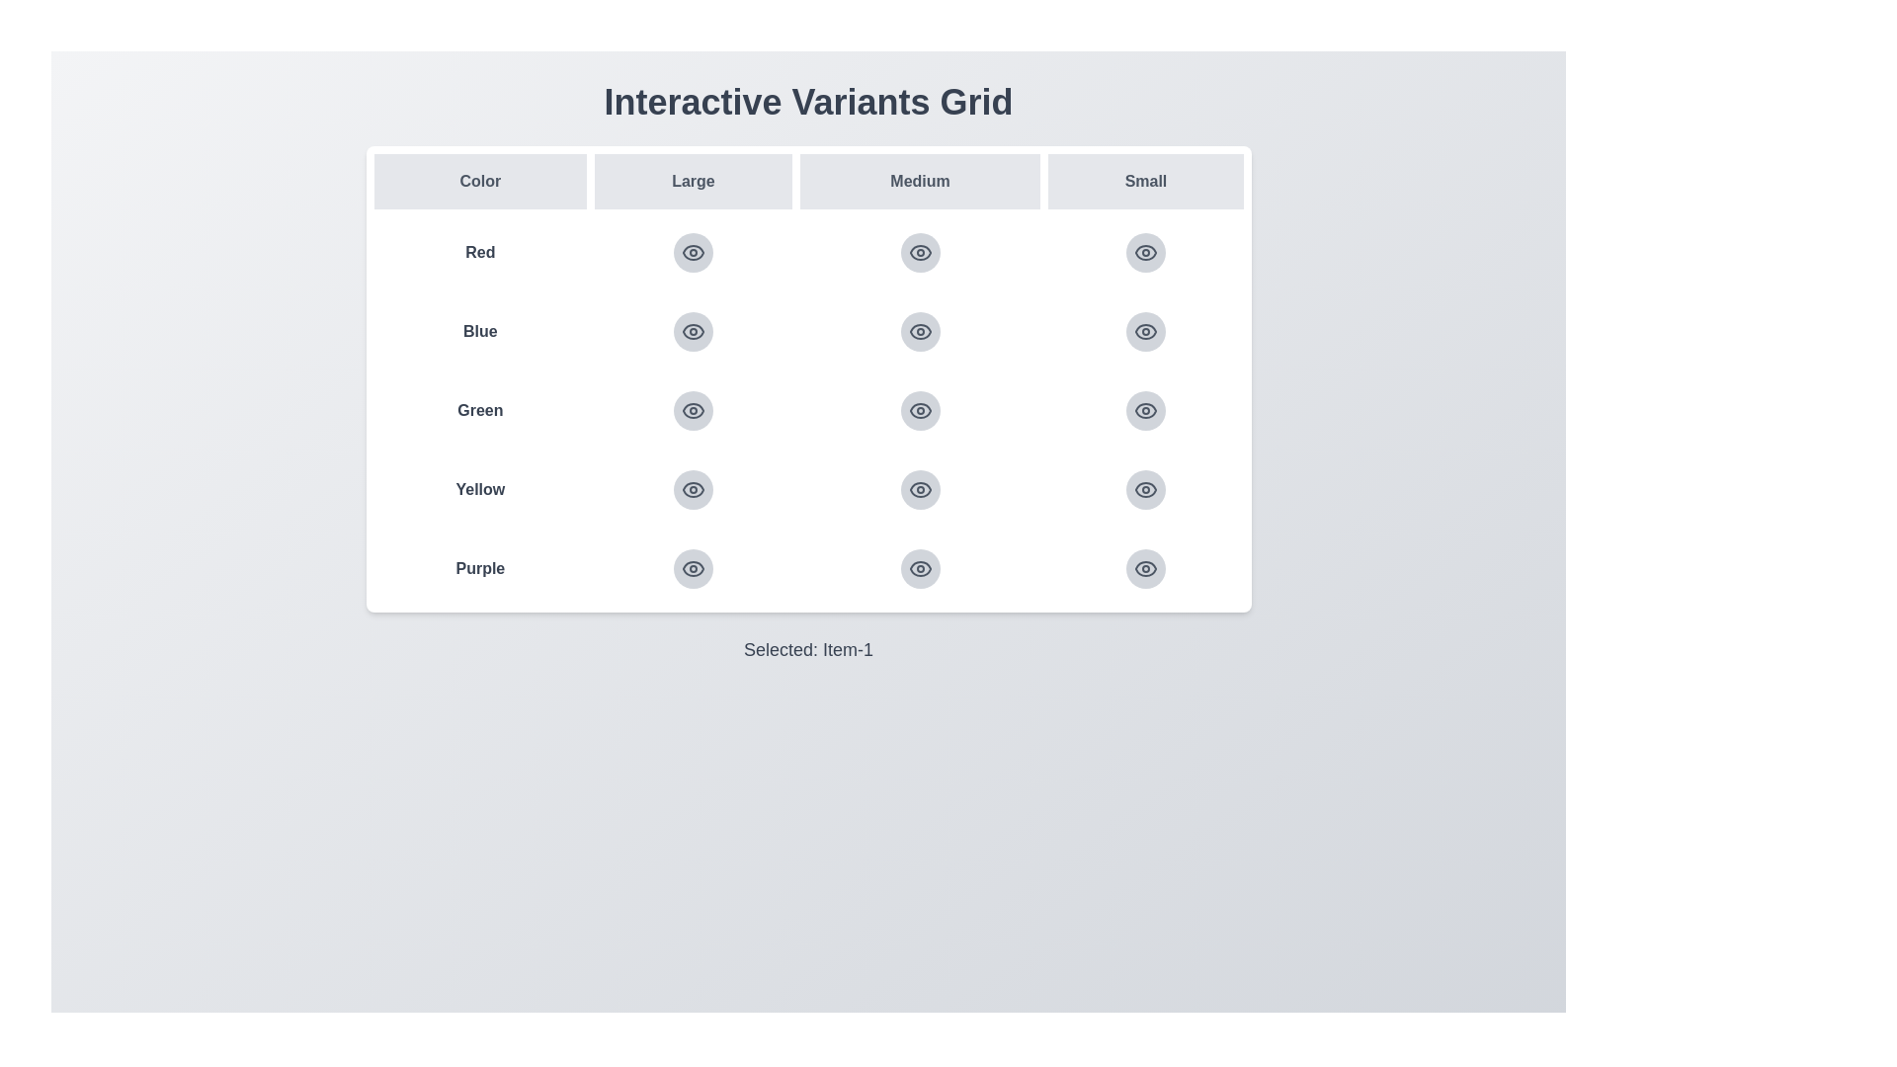  What do you see at coordinates (919, 568) in the screenshot?
I see `the visibility icon located in the last row, third column of the grid component, which is visually enclosed within a circular background` at bounding box center [919, 568].